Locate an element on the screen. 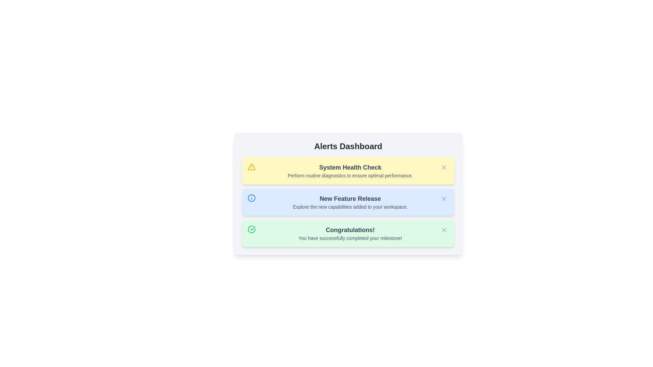  the dismiss button for the alert titled 'System Health Check' is located at coordinates (444, 168).